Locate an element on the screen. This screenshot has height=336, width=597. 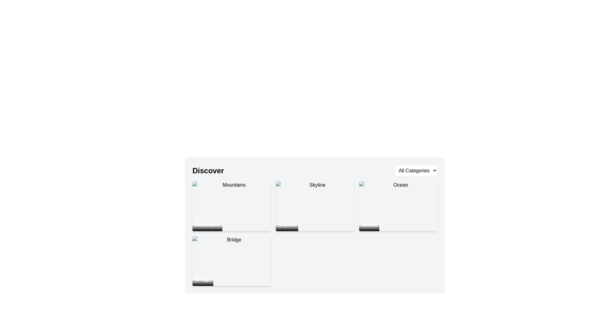
the first card in the grid layout that serves as a preview or link to content related to 'Mountains' is located at coordinates (231, 206).